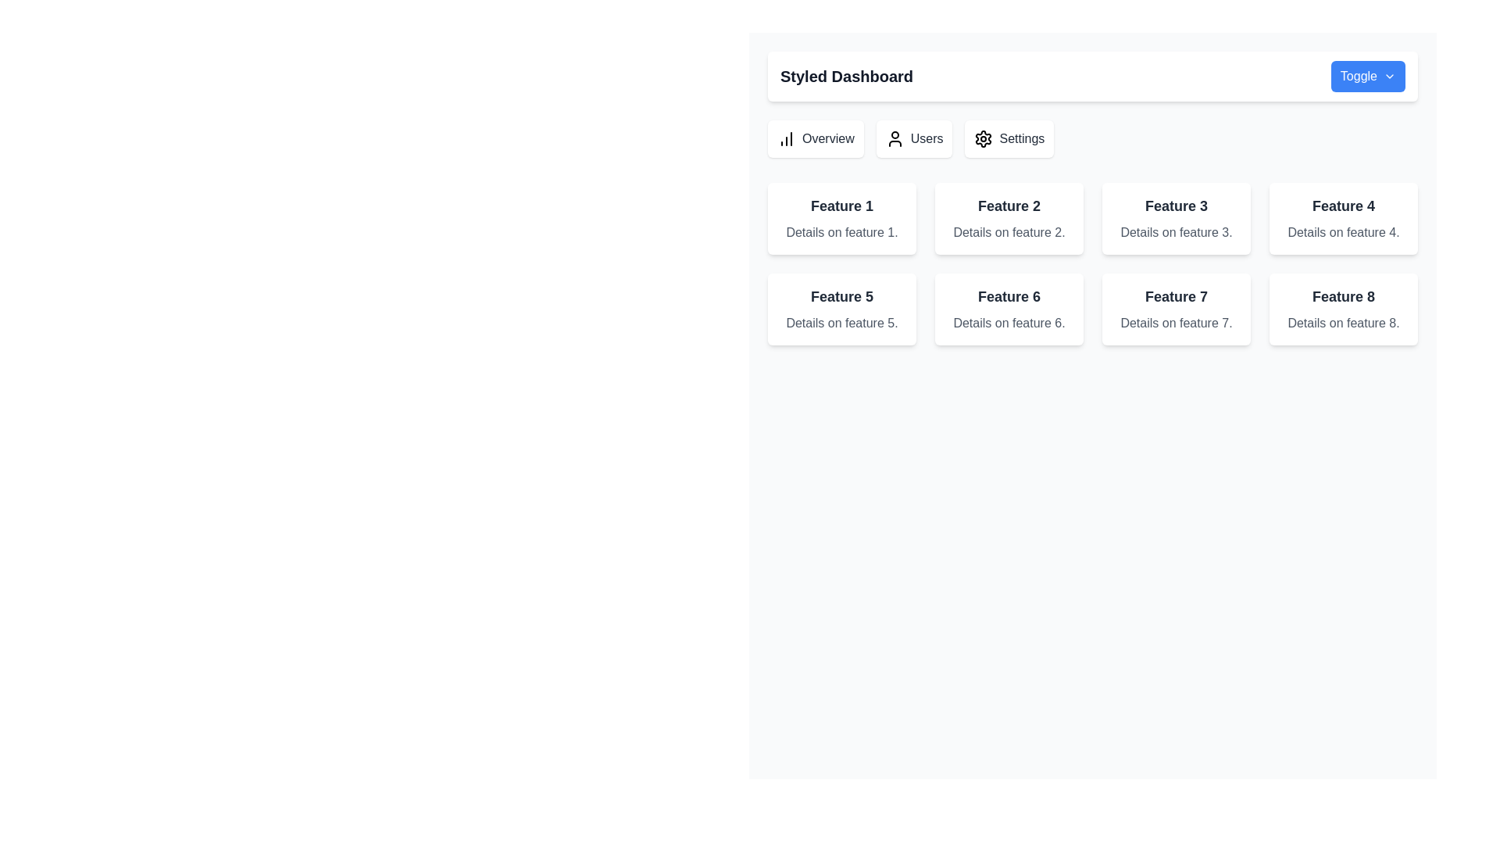  What do you see at coordinates (1009, 297) in the screenshot?
I see `text label that serves as a title or heading for the card located in the second row, second column of the grid layout on the main dashboard area` at bounding box center [1009, 297].